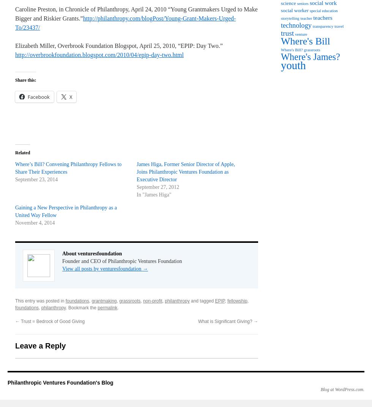  What do you see at coordinates (320, 389) in the screenshot?
I see `'Blog at WordPress.com.'` at bounding box center [320, 389].